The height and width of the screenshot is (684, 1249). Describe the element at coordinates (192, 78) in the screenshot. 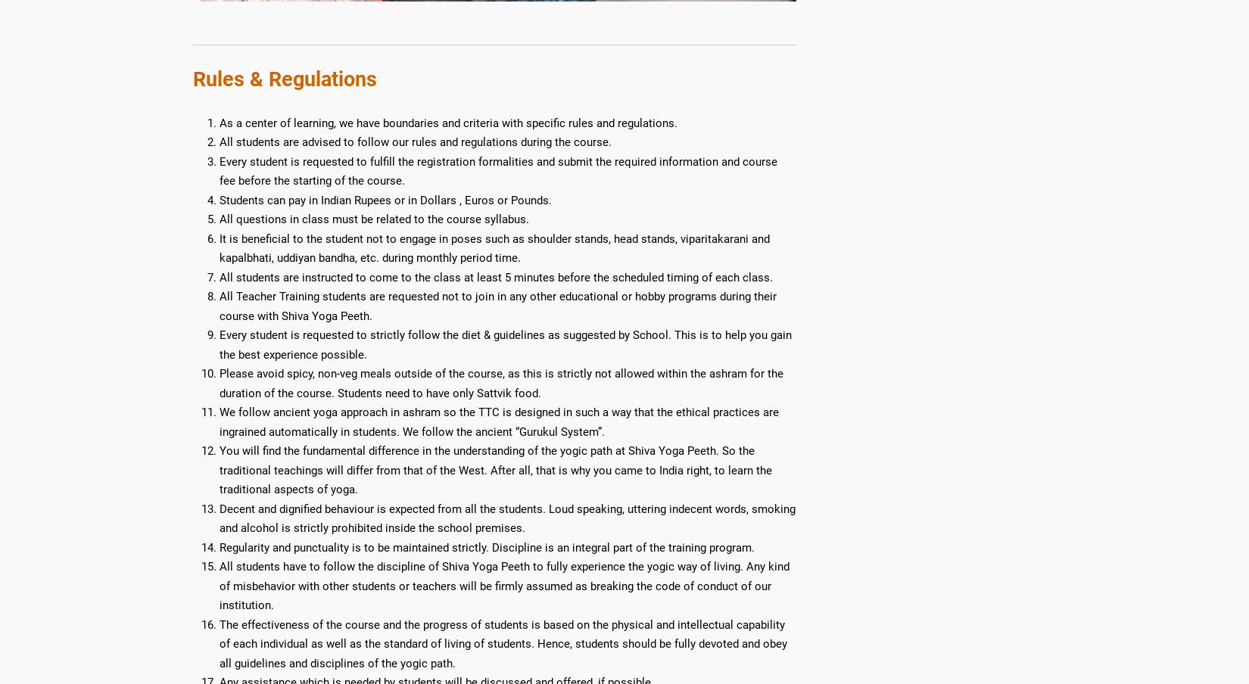

I see `'Rules & Regulations'` at that location.